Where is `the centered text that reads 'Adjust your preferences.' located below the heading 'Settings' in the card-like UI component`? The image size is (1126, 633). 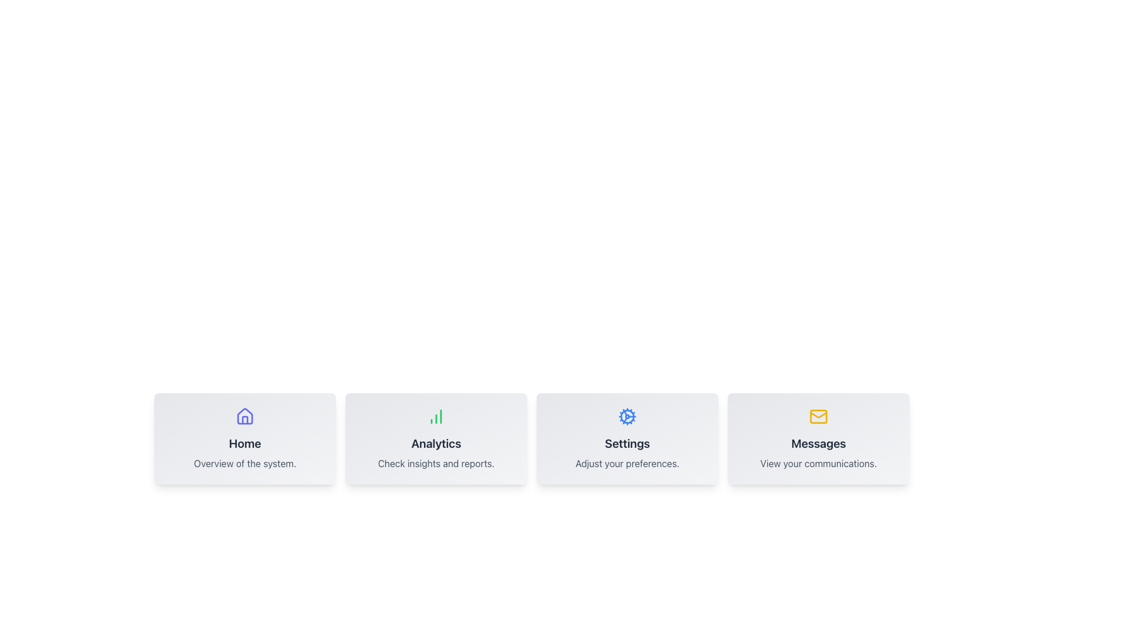 the centered text that reads 'Adjust your preferences.' located below the heading 'Settings' in the card-like UI component is located at coordinates (627, 462).